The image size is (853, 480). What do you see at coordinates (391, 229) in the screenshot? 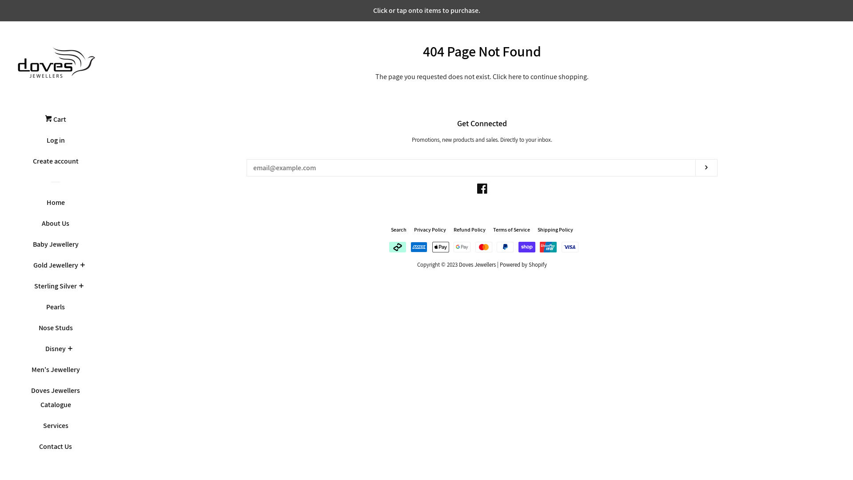
I see `'Search'` at bounding box center [391, 229].